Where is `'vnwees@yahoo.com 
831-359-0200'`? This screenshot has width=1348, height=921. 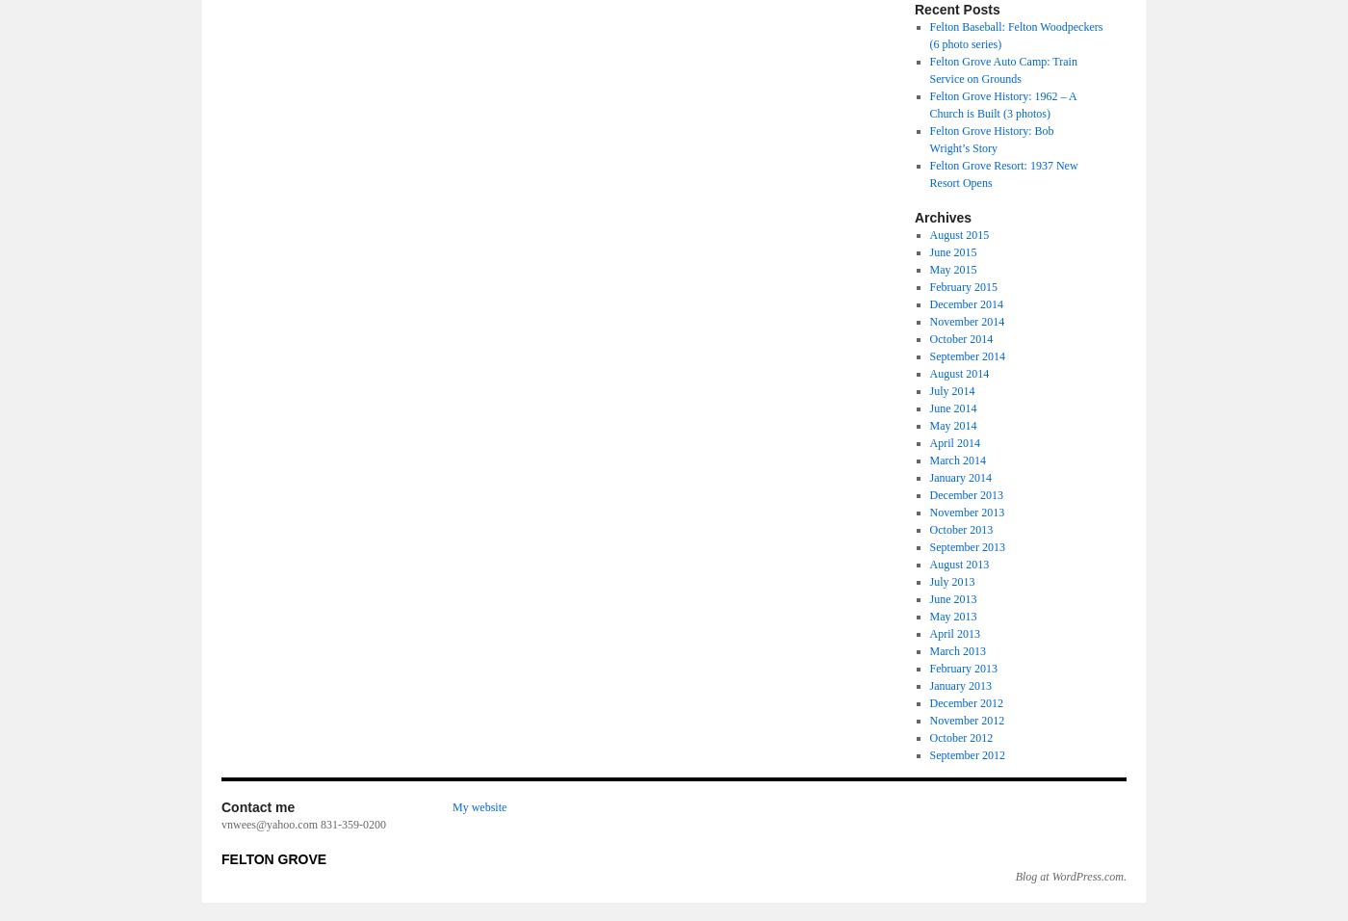
'vnwees@yahoo.com 
831-359-0200' is located at coordinates (221, 825).